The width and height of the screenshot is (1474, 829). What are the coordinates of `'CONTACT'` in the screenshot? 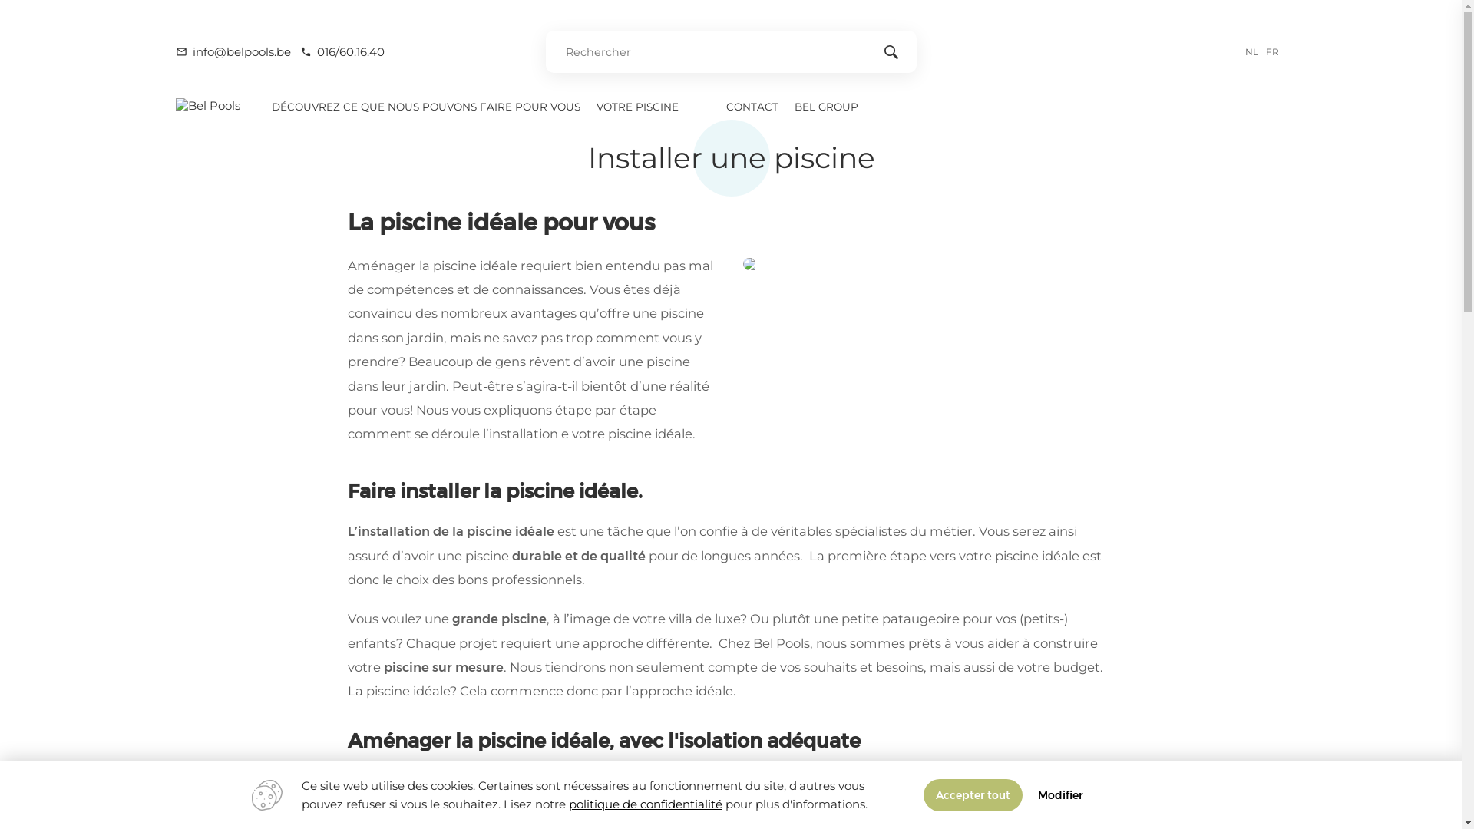 It's located at (718, 105).